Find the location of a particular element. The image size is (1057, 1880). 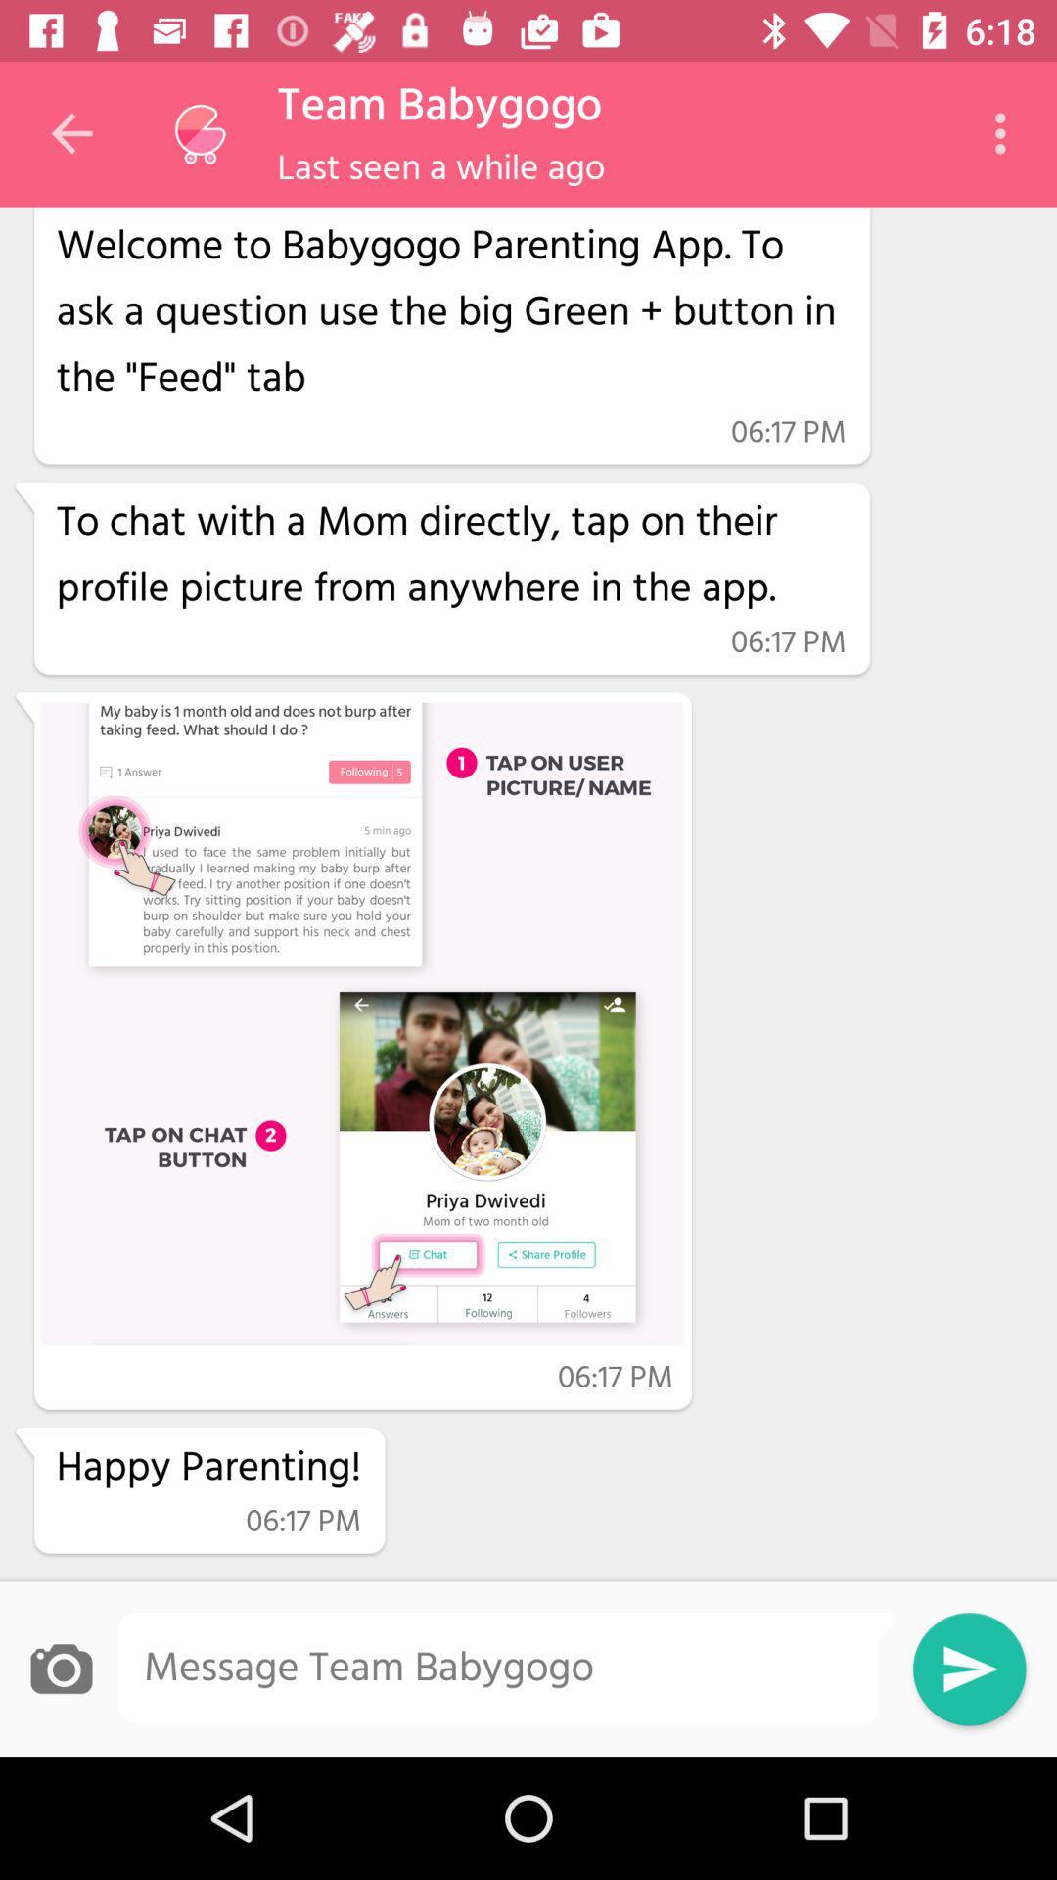

item above 06:17 pm is located at coordinates (451, 555).